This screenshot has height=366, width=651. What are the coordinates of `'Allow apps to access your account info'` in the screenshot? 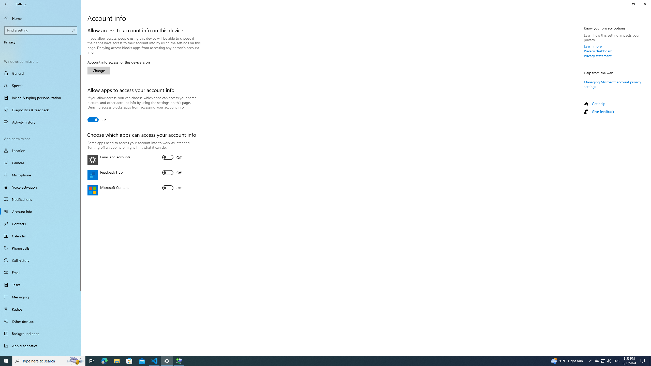 It's located at (97, 119).